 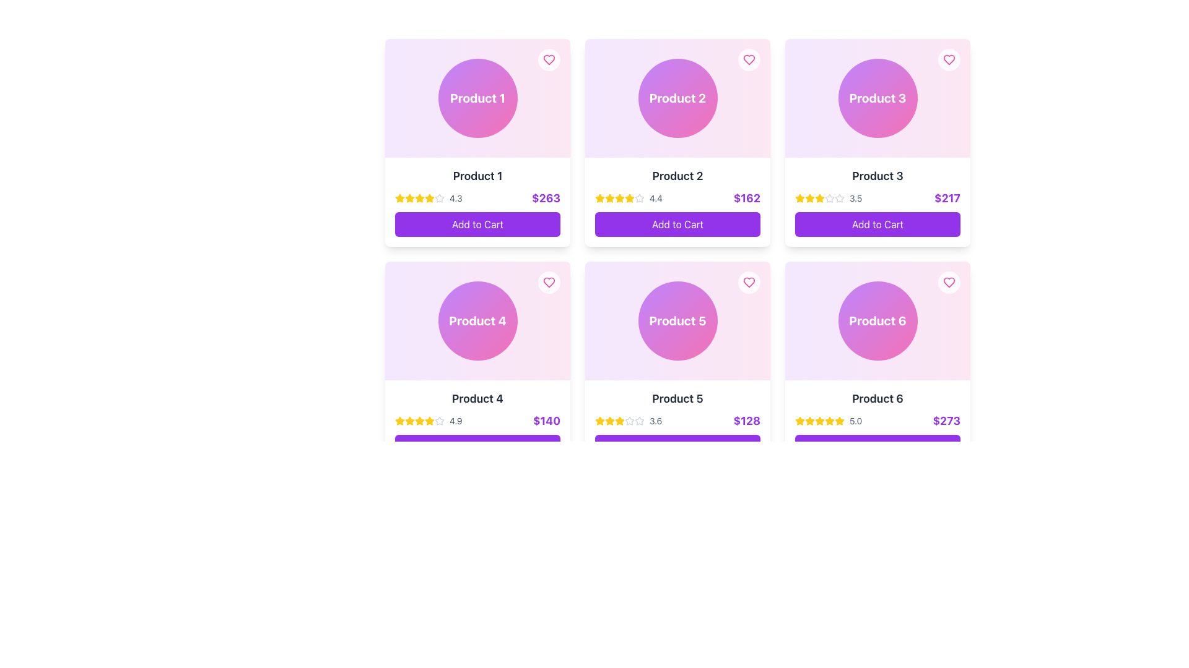 What do you see at coordinates (410, 421) in the screenshot?
I see `the third filled star icon in the 5-star rating system located below the title 'Product 4' and above the price '$140' to interact with the rating` at bounding box center [410, 421].